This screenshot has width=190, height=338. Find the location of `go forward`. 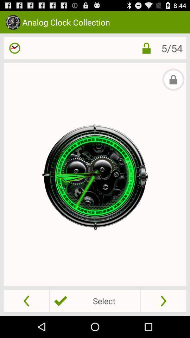

go forward is located at coordinates (163, 300).